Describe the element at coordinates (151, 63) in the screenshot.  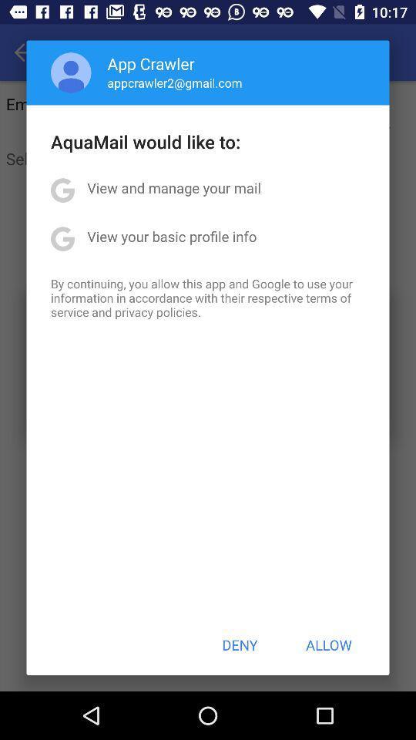
I see `the app crawler item` at that location.